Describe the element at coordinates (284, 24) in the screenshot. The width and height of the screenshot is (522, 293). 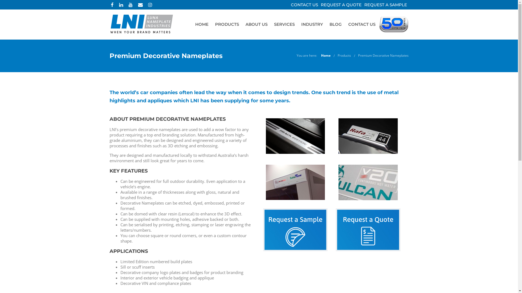
I see `'SERVICES'` at that location.